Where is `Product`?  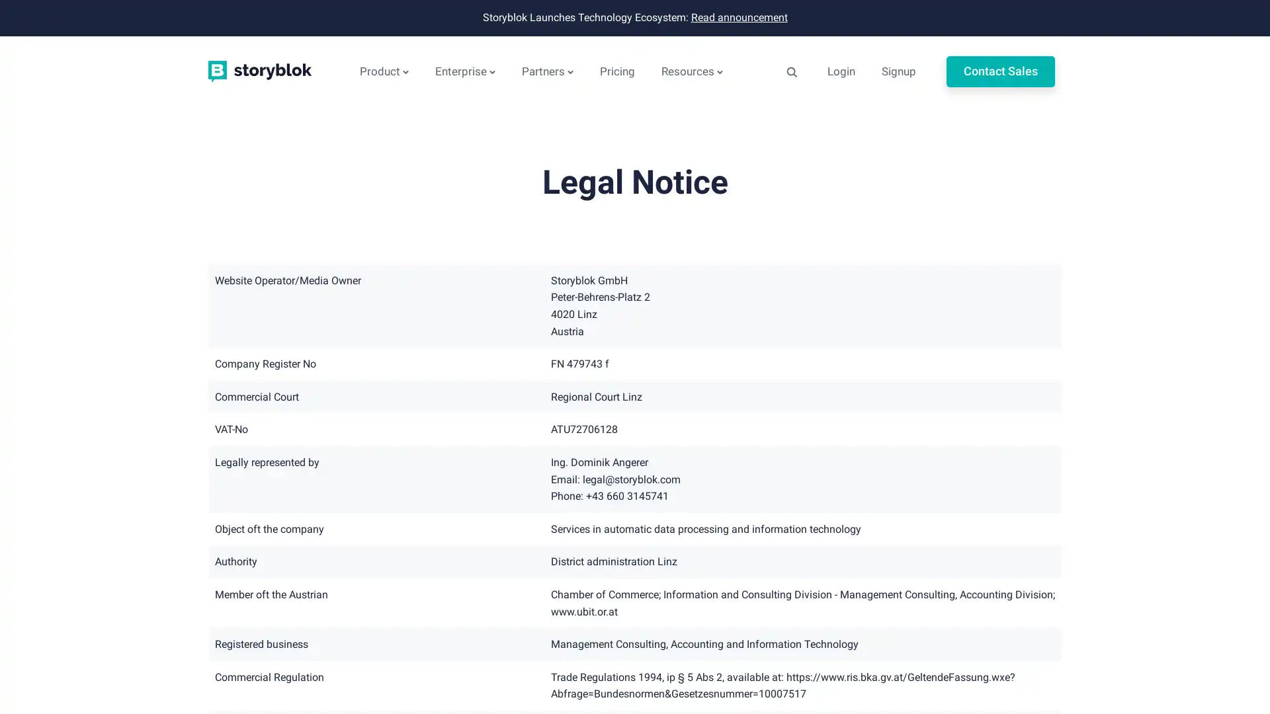 Product is located at coordinates (383, 71).